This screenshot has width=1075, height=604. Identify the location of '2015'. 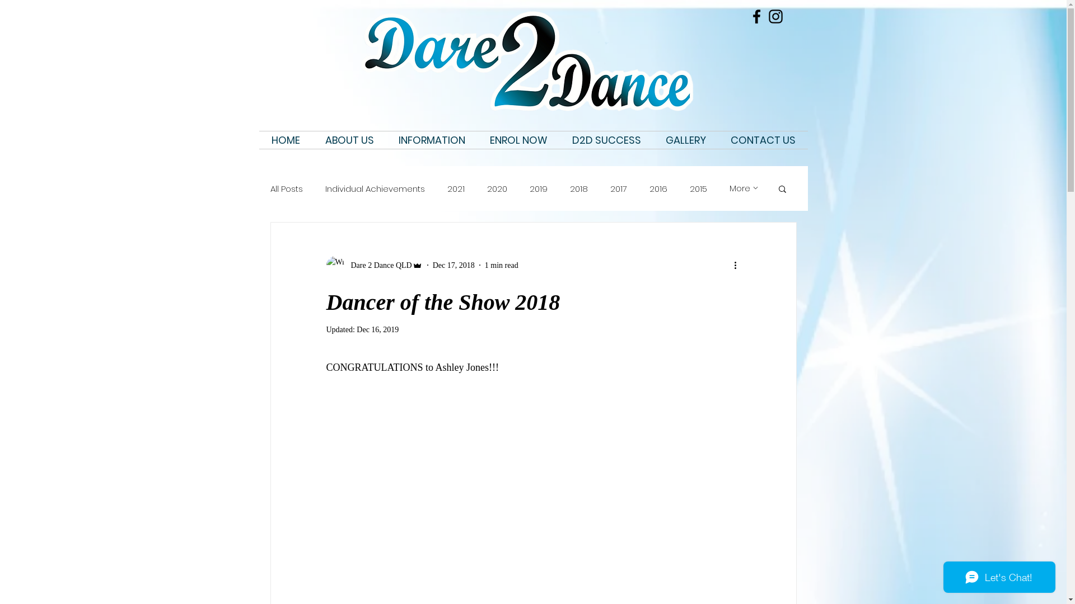
(698, 188).